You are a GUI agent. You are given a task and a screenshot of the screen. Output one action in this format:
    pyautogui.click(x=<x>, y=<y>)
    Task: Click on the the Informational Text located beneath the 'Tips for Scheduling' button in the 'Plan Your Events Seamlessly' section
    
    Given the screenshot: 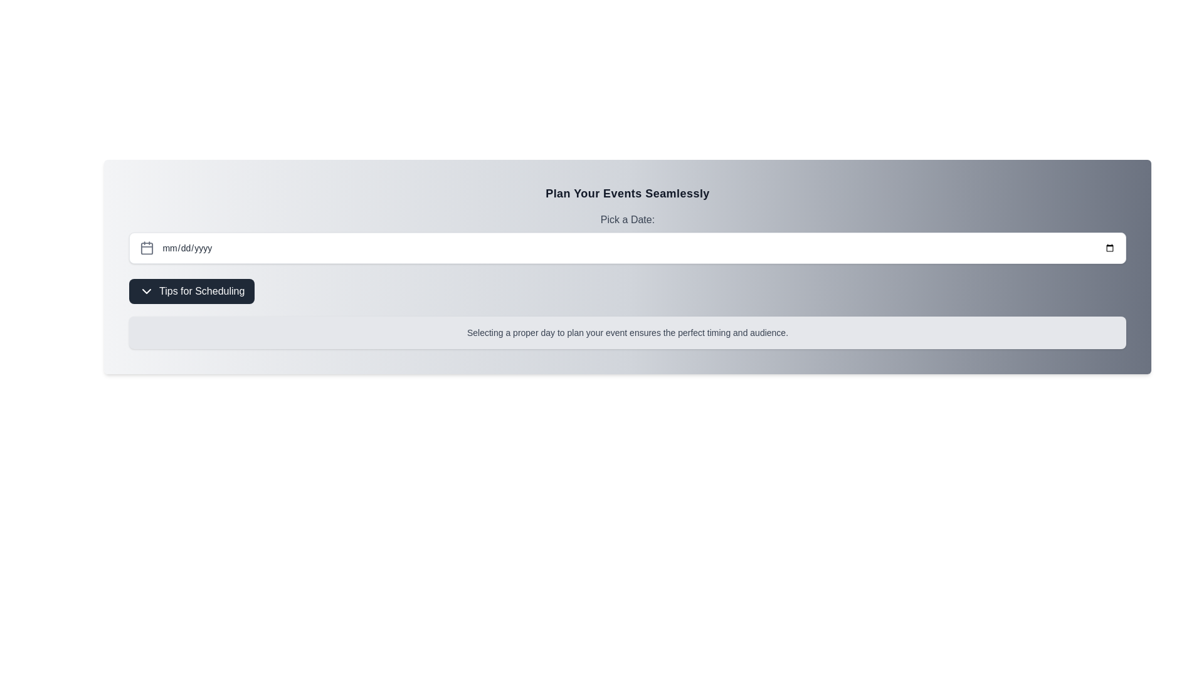 What is the action you would take?
    pyautogui.click(x=628, y=332)
    